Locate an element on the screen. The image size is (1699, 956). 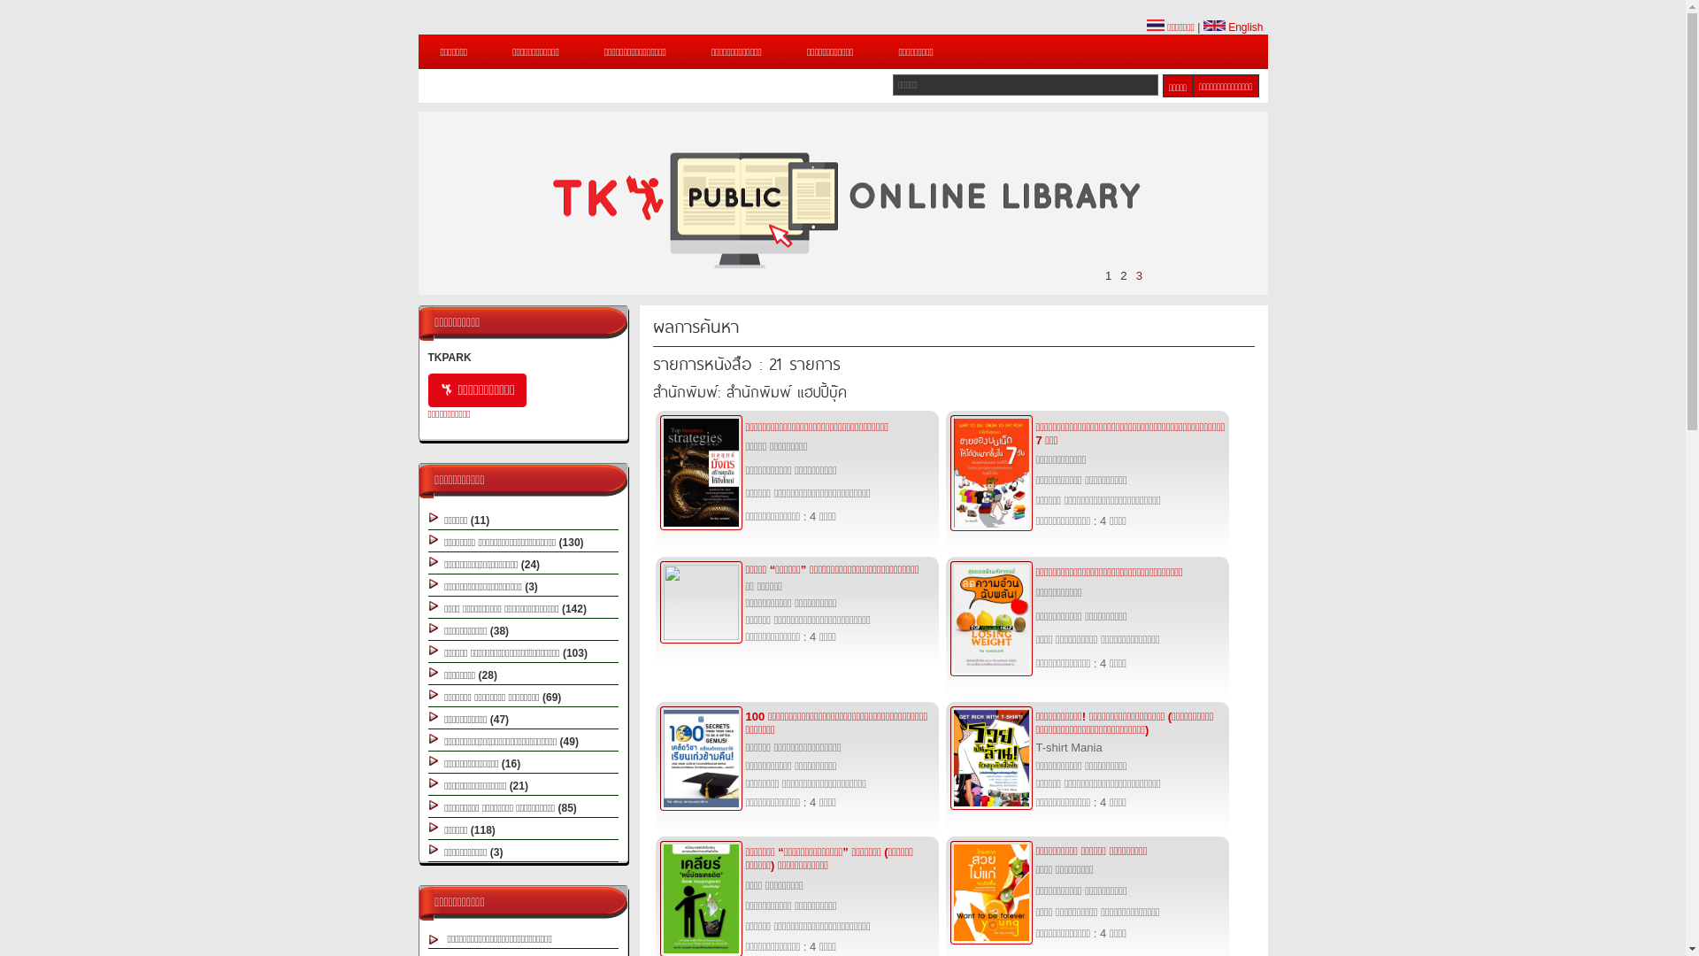
'3' is located at coordinates (1139, 275).